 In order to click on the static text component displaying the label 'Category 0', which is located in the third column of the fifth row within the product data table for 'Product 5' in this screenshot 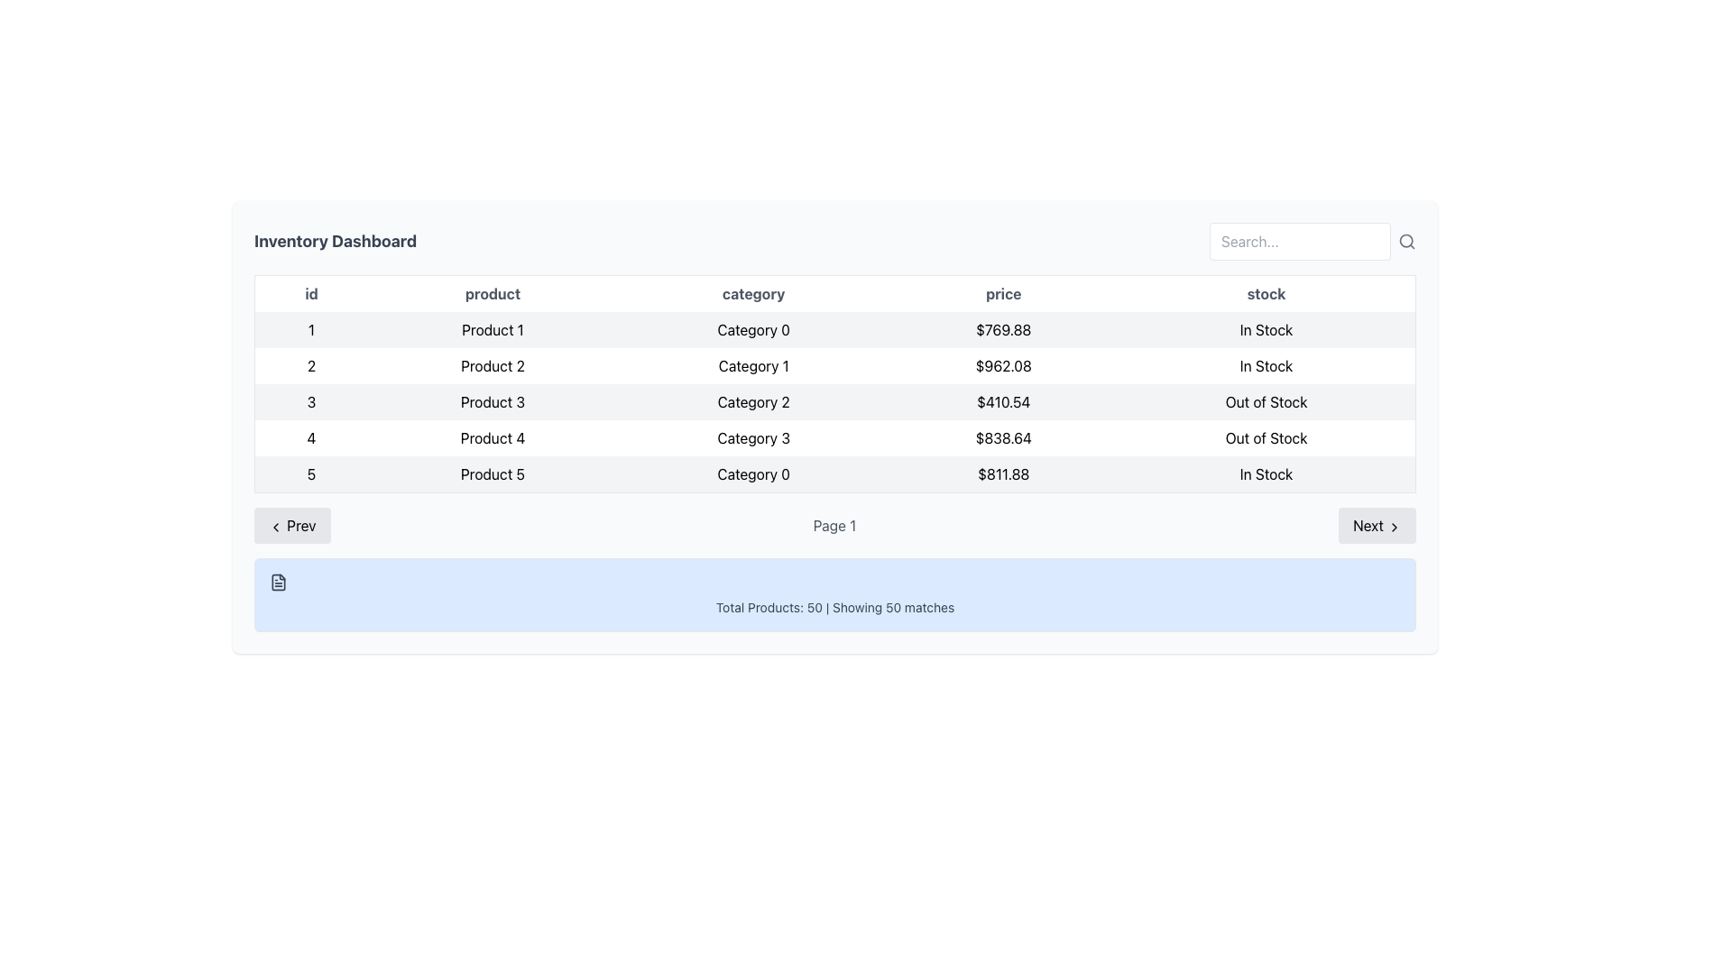, I will do `click(753, 473)`.